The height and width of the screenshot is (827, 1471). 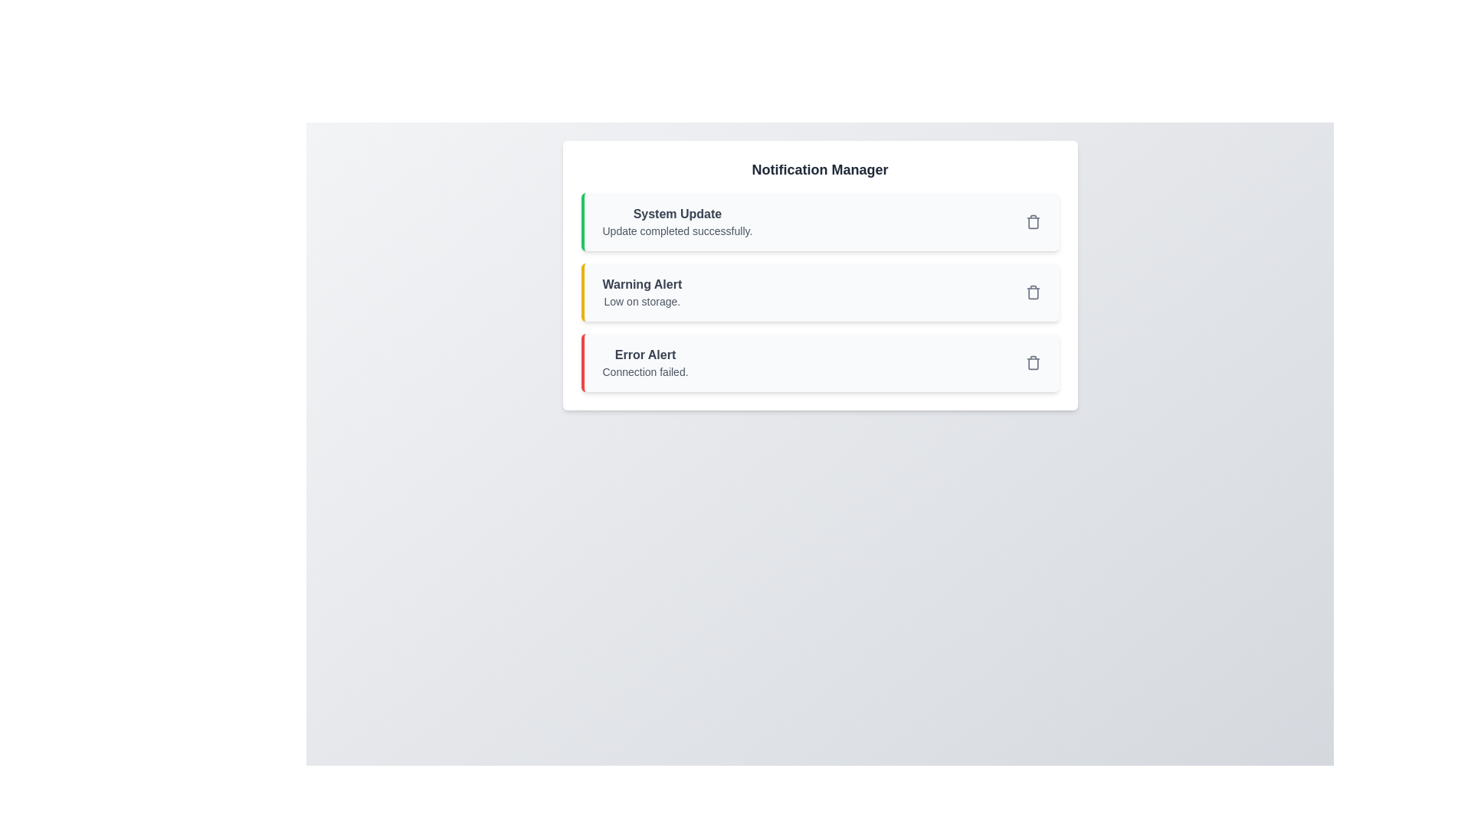 I want to click on the title or header text label of the 'System Update' notification card, which is located at the top-left corner of the card and above the text 'Update completed successfully.', so click(x=677, y=214).